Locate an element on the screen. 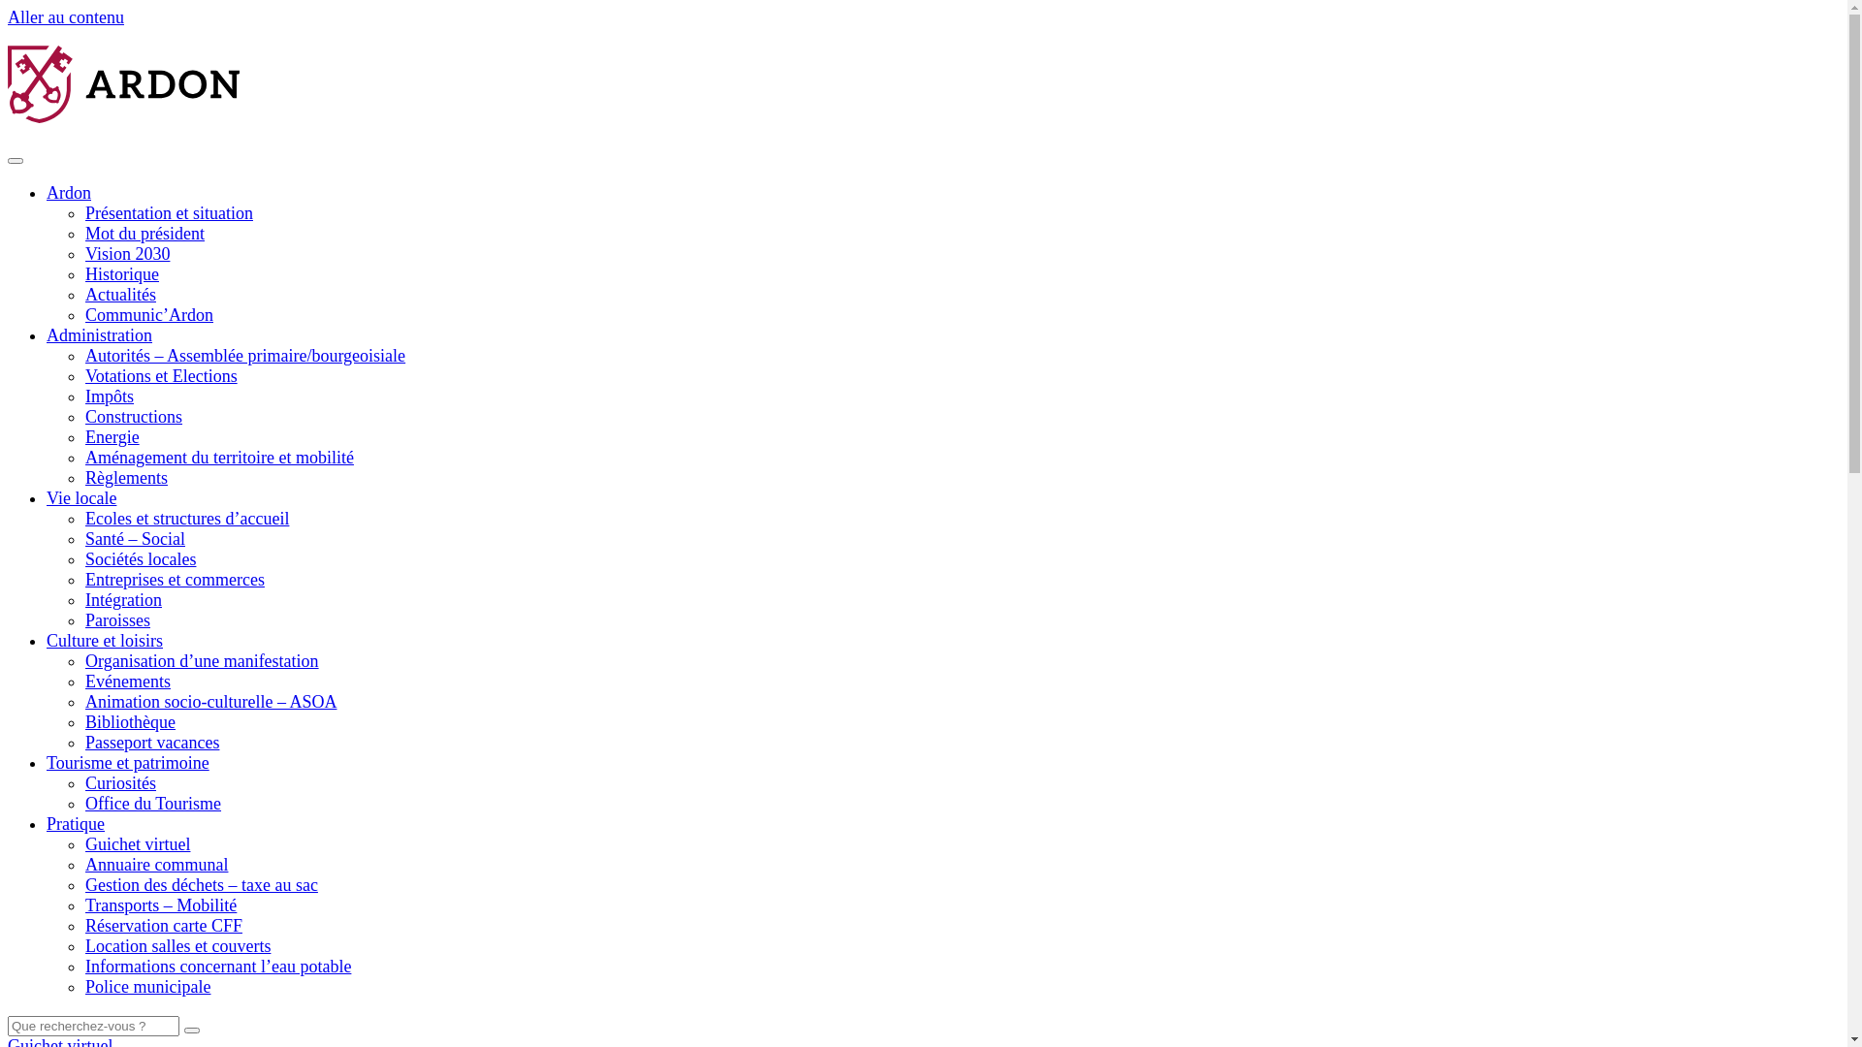 Image resolution: width=1862 pixels, height=1047 pixels. 'Vie locale' is located at coordinates (47, 496).